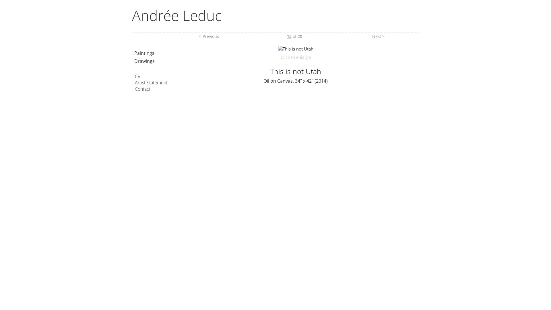 The image size is (551, 310). I want to click on 'This is not Utah', so click(296, 48).